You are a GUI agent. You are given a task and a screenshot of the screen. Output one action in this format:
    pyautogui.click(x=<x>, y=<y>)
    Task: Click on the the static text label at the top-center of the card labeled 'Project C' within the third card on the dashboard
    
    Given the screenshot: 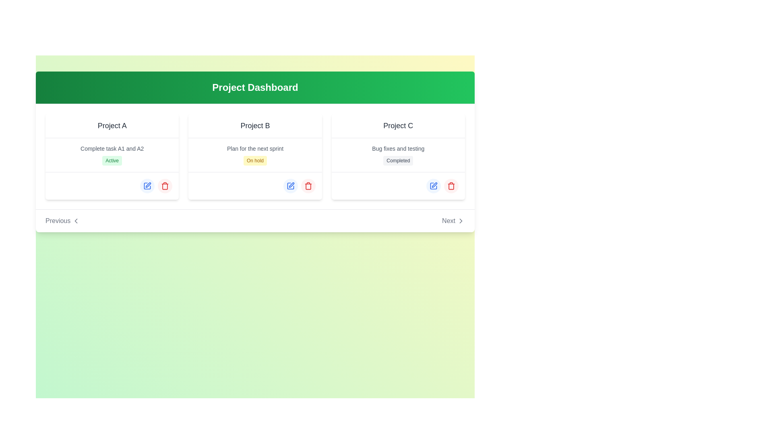 What is the action you would take?
    pyautogui.click(x=398, y=126)
    